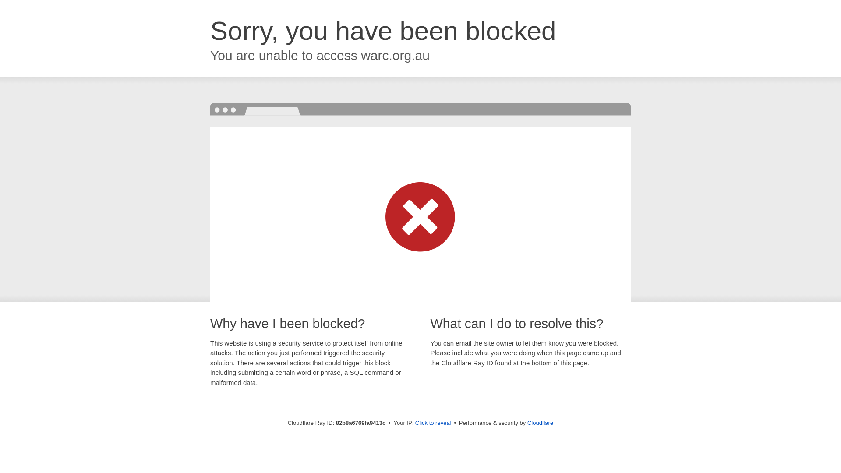  I want to click on 'Click to reveal', so click(433, 422).